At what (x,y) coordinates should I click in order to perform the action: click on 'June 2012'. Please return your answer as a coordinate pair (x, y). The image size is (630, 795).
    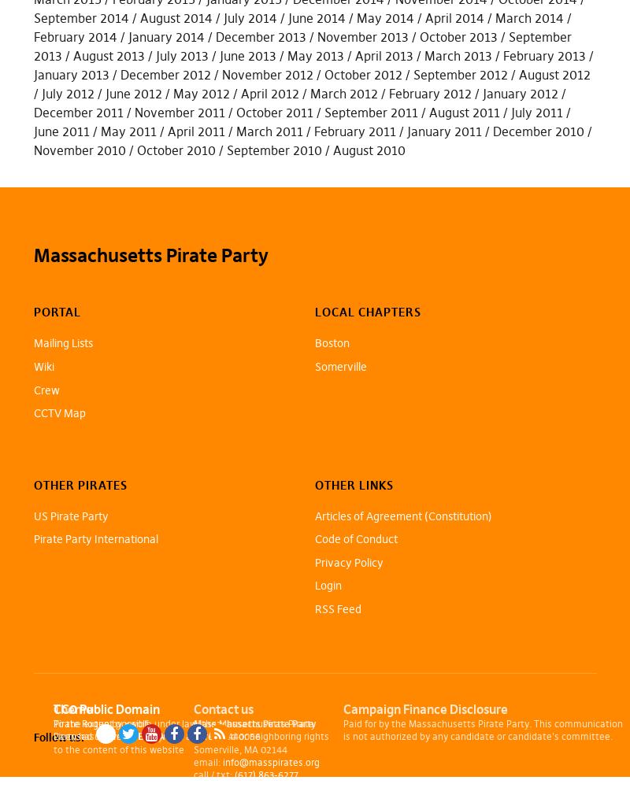
    Looking at the image, I should click on (132, 91).